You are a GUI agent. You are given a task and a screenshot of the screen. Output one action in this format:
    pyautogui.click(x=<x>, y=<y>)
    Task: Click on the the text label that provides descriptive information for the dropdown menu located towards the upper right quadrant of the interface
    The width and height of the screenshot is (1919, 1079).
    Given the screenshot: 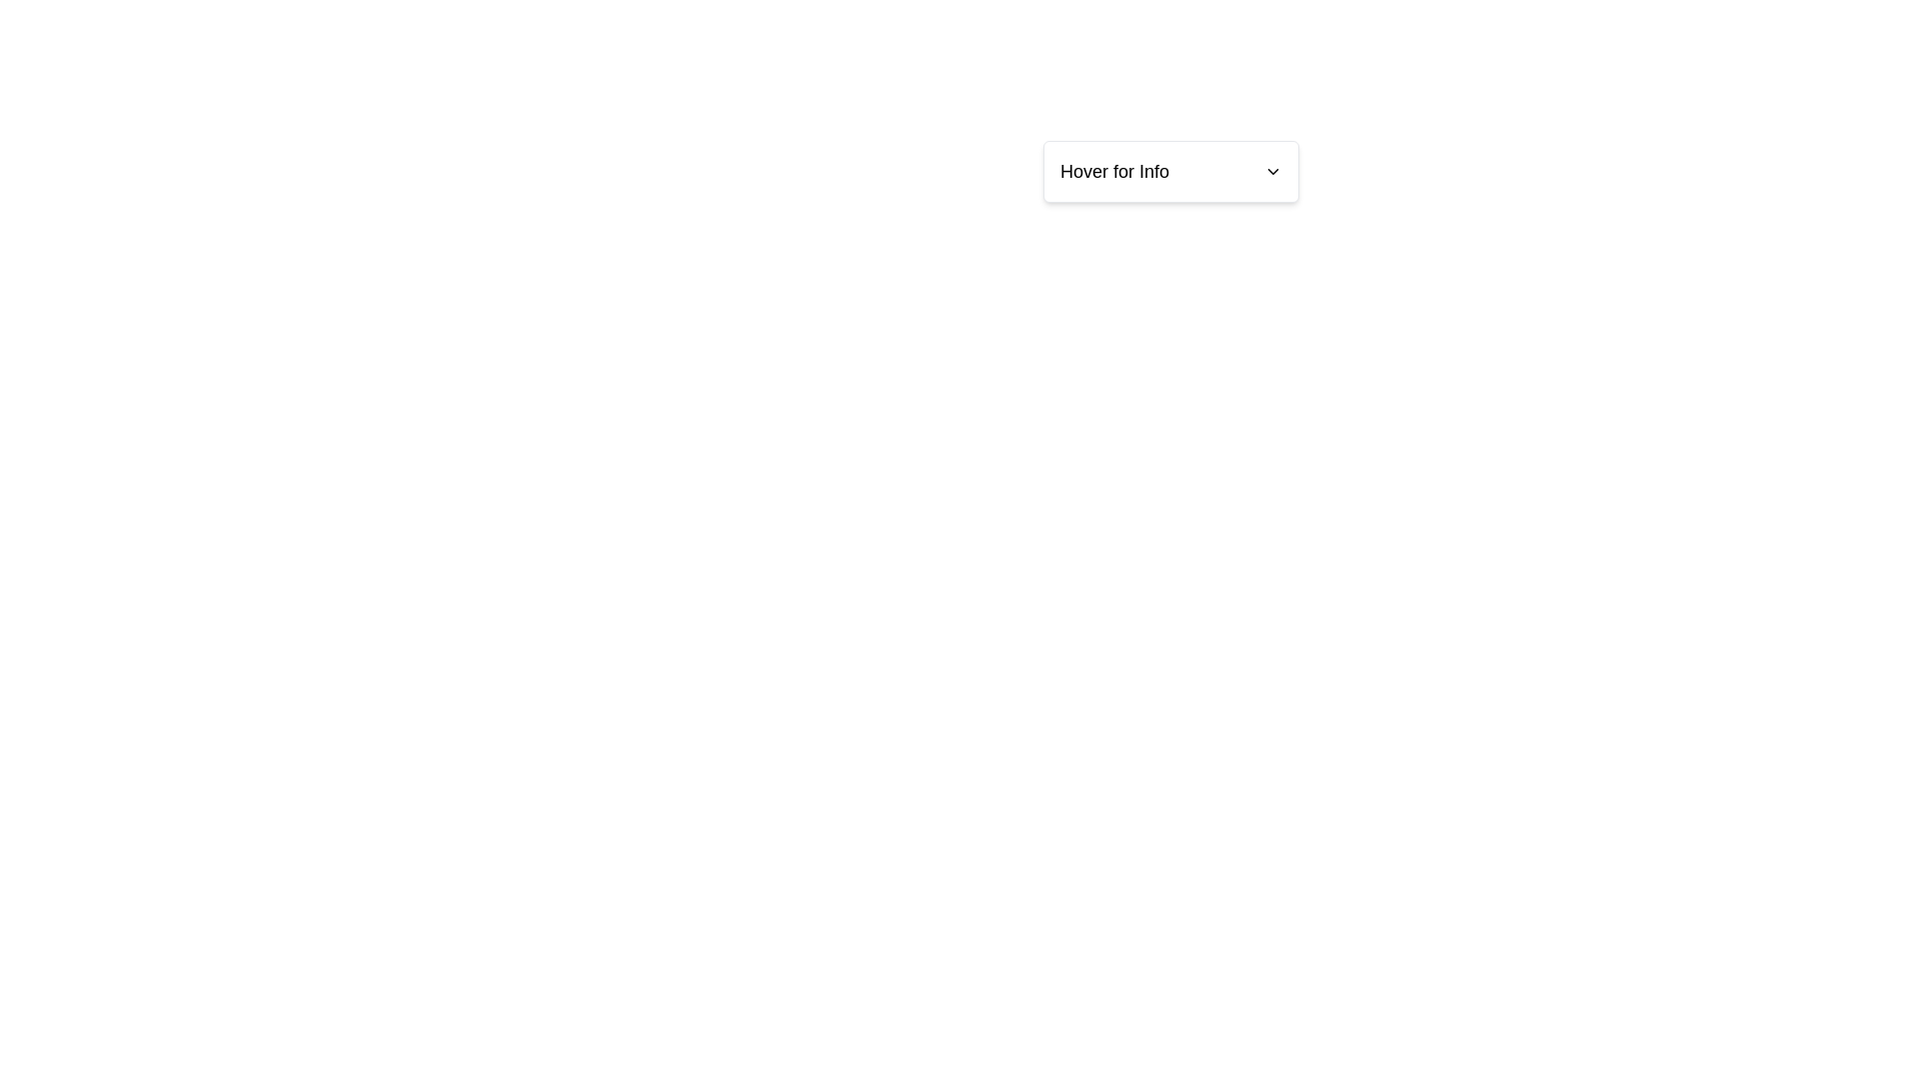 What is the action you would take?
    pyautogui.click(x=1113, y=171)
    